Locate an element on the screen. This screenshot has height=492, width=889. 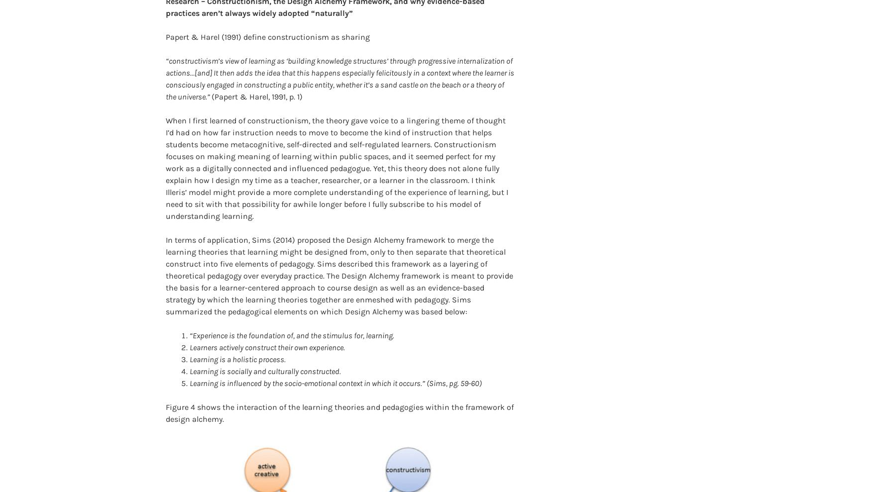
'“constructivism’s view of learning as ‘building knowledge structures’ through progressive internalization of actions…[and] It then adds the idea that this happens especially felicitously in a context where the learner is consciously engaged in constructing a public entity, whether it’s a sand castle on the beach or a theory of the universe.”' is located at coordinates (339, 62).